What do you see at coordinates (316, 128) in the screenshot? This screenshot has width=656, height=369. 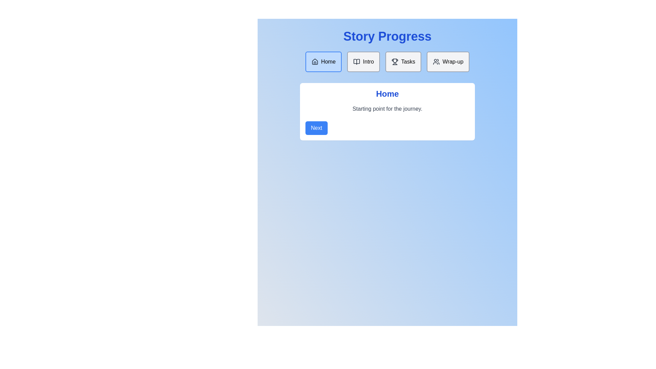 I see `the 'Next' button to proceed to the next step` at bounding box center [316, 128].